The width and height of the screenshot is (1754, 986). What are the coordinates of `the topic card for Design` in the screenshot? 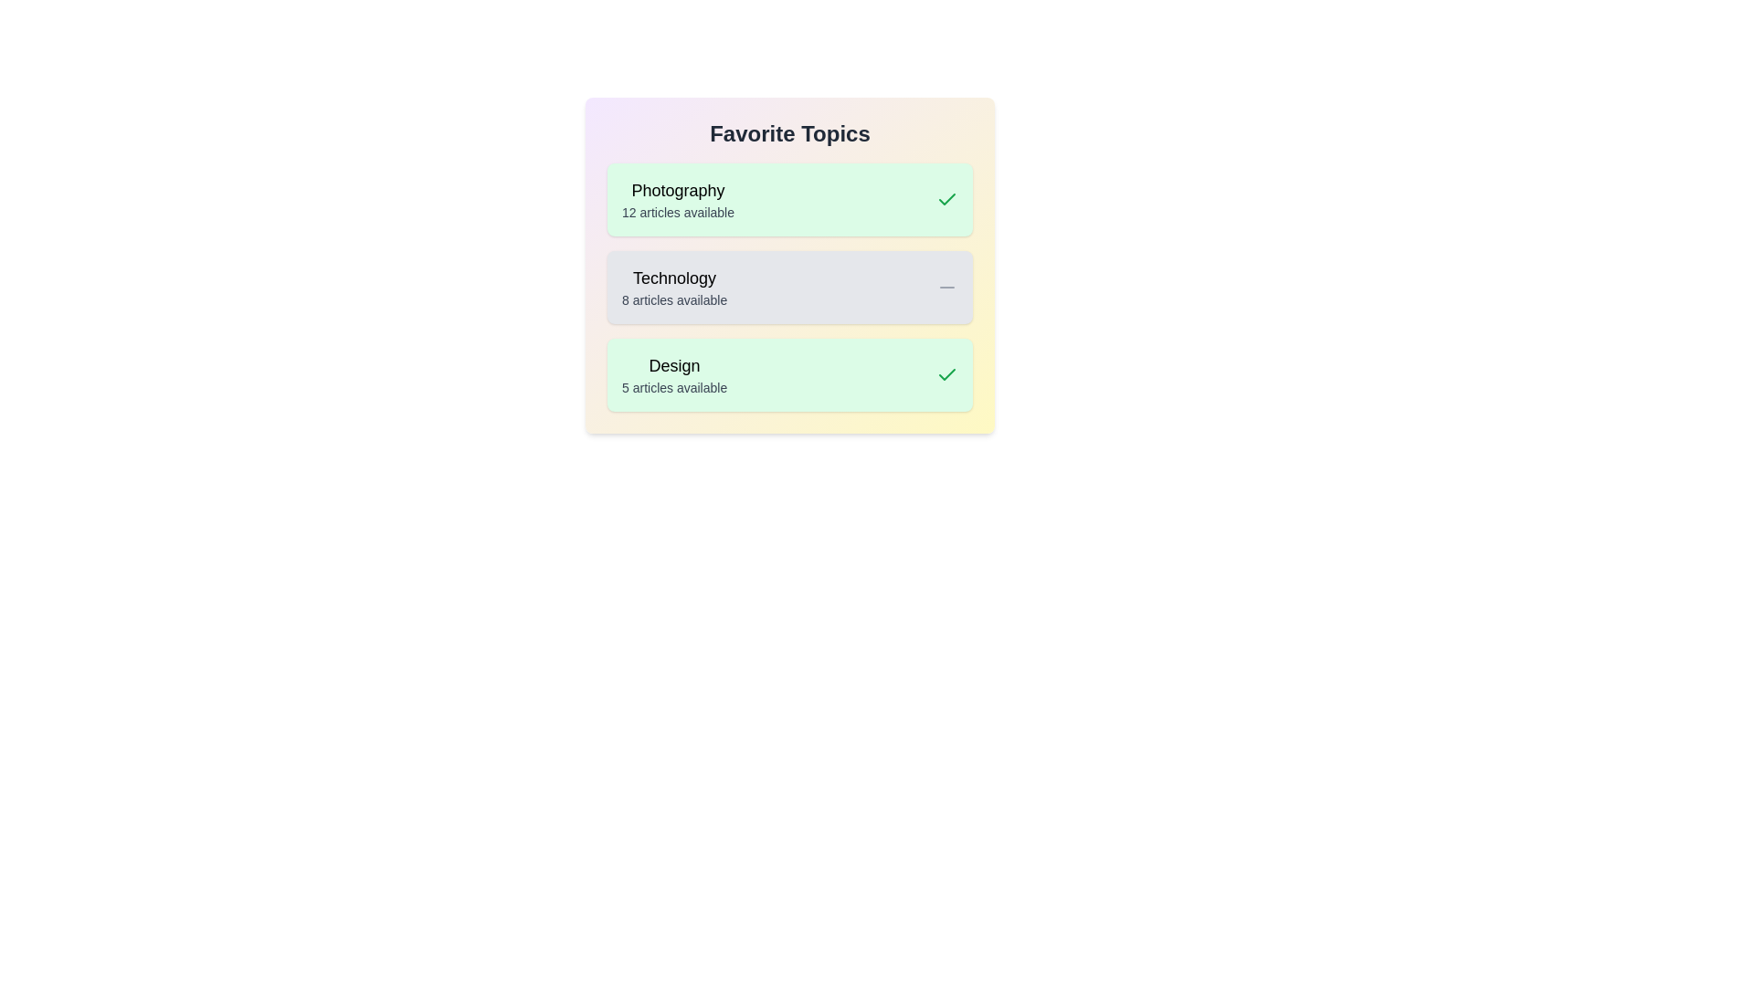 It's located at (789, 374).